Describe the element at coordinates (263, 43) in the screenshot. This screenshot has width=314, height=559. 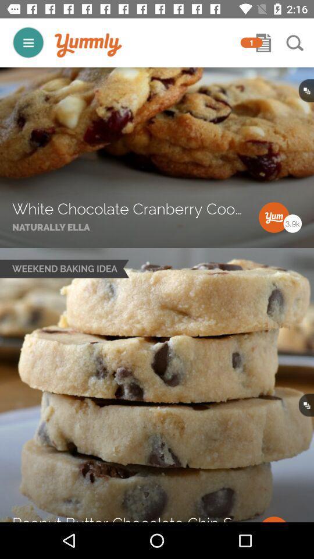
I see `notifications` at that location.